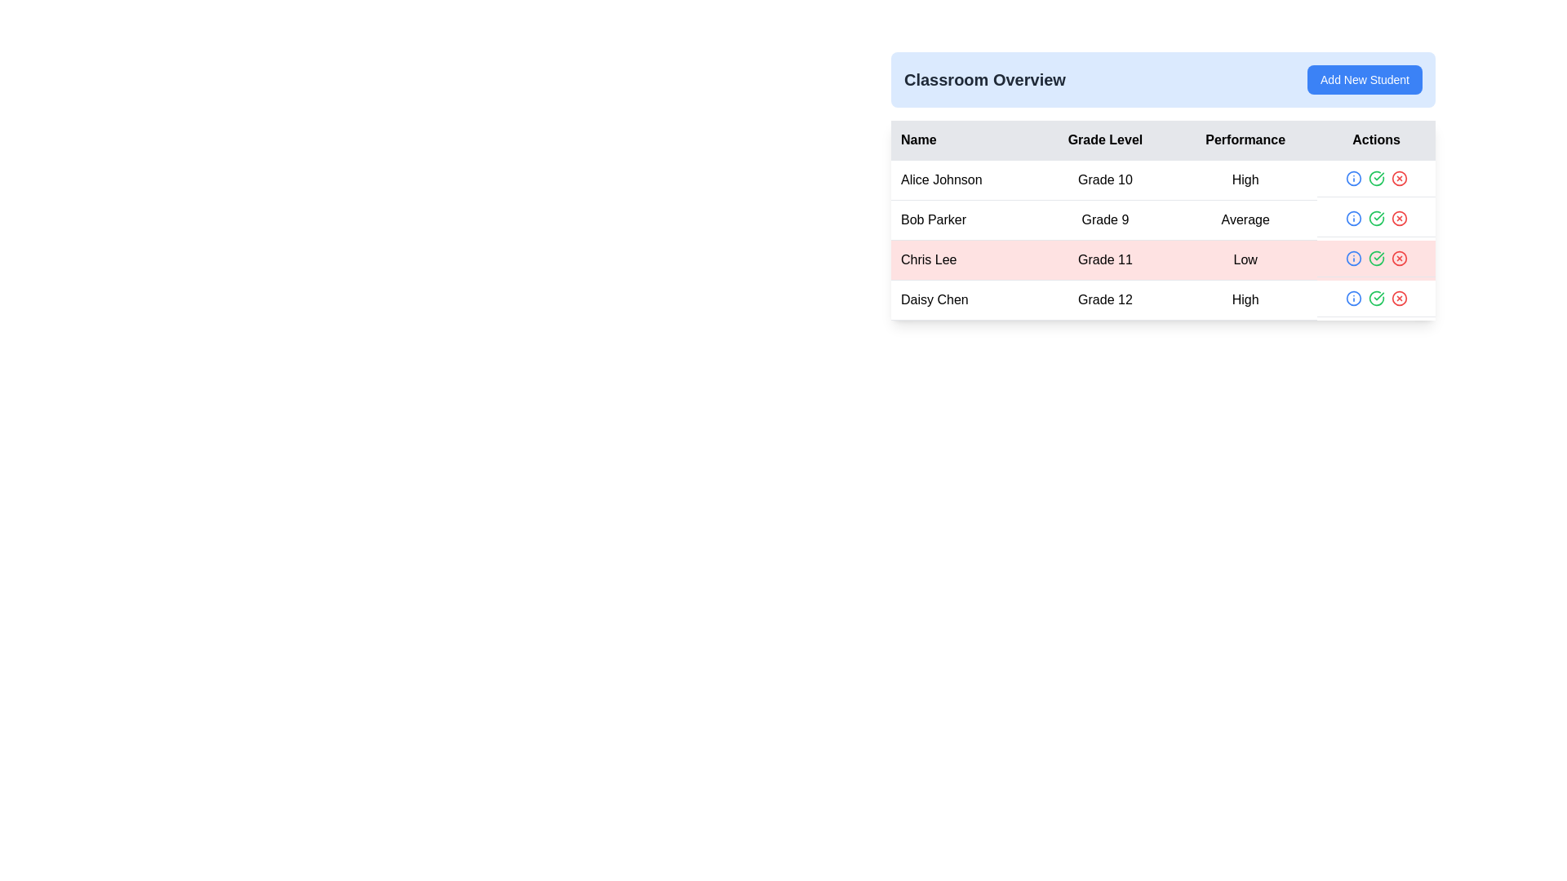 The height and width of the screenshot is (881, 1567). Describe the element at coordinates (1245, 139) in the screenshot. I see `the 'Performance' Table Header, which is the third column in a tabular layout, styled with bold black text on a gray background` at that location.